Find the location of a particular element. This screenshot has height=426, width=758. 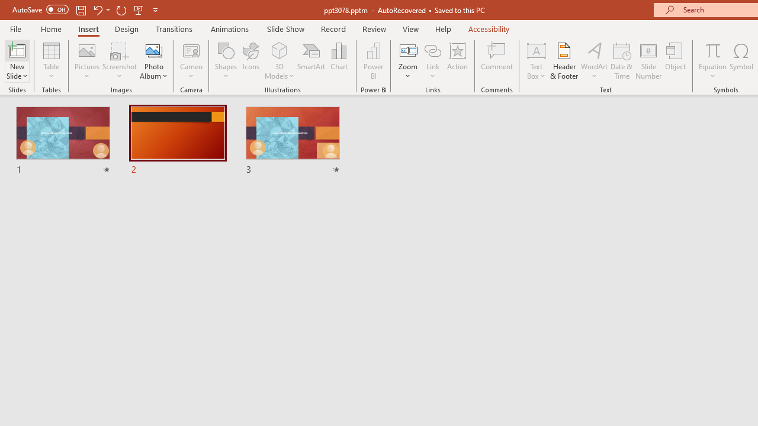

'Draw Horizontal Text Box' is located at coordinates (535, 50).